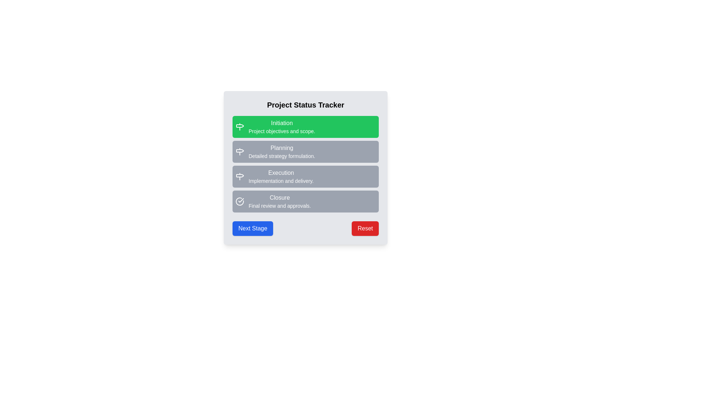 This screenshot has height=395, width=702. What do you see at coordinates (305, 127) in the screenshot?
I see `the 'Initiation' phase informational card in the project tracker by moving the cursor to its center position` at bounding box center [305, 127].